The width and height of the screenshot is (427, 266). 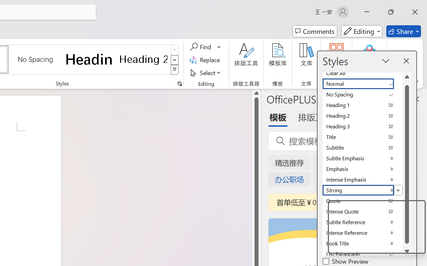 What do you see at coordinates (175, 70) in the screenshot?
I see `'Class: NetUIImage'` at bounding box center [175, 70].